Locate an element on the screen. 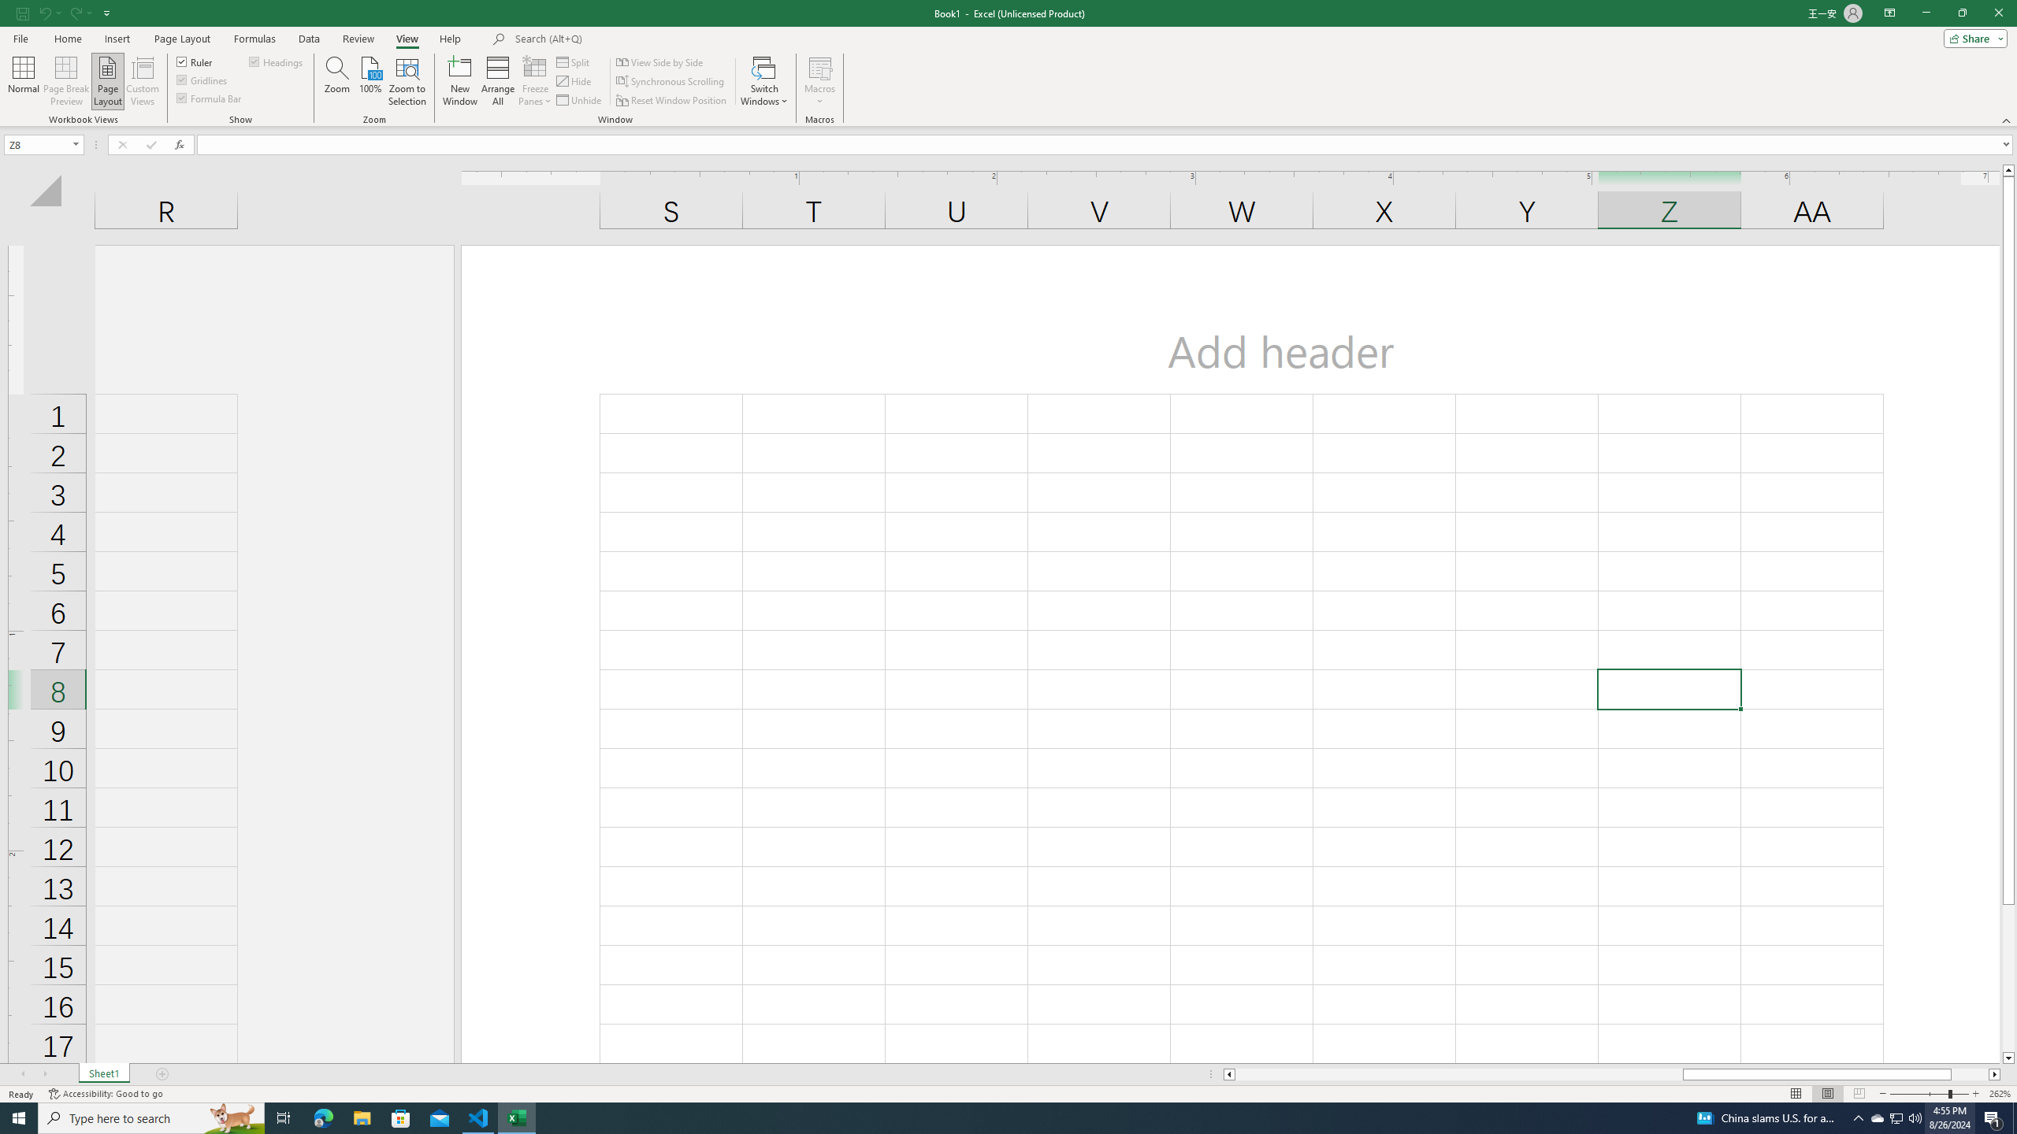  'Headings' is located at coordinates (277, 61).